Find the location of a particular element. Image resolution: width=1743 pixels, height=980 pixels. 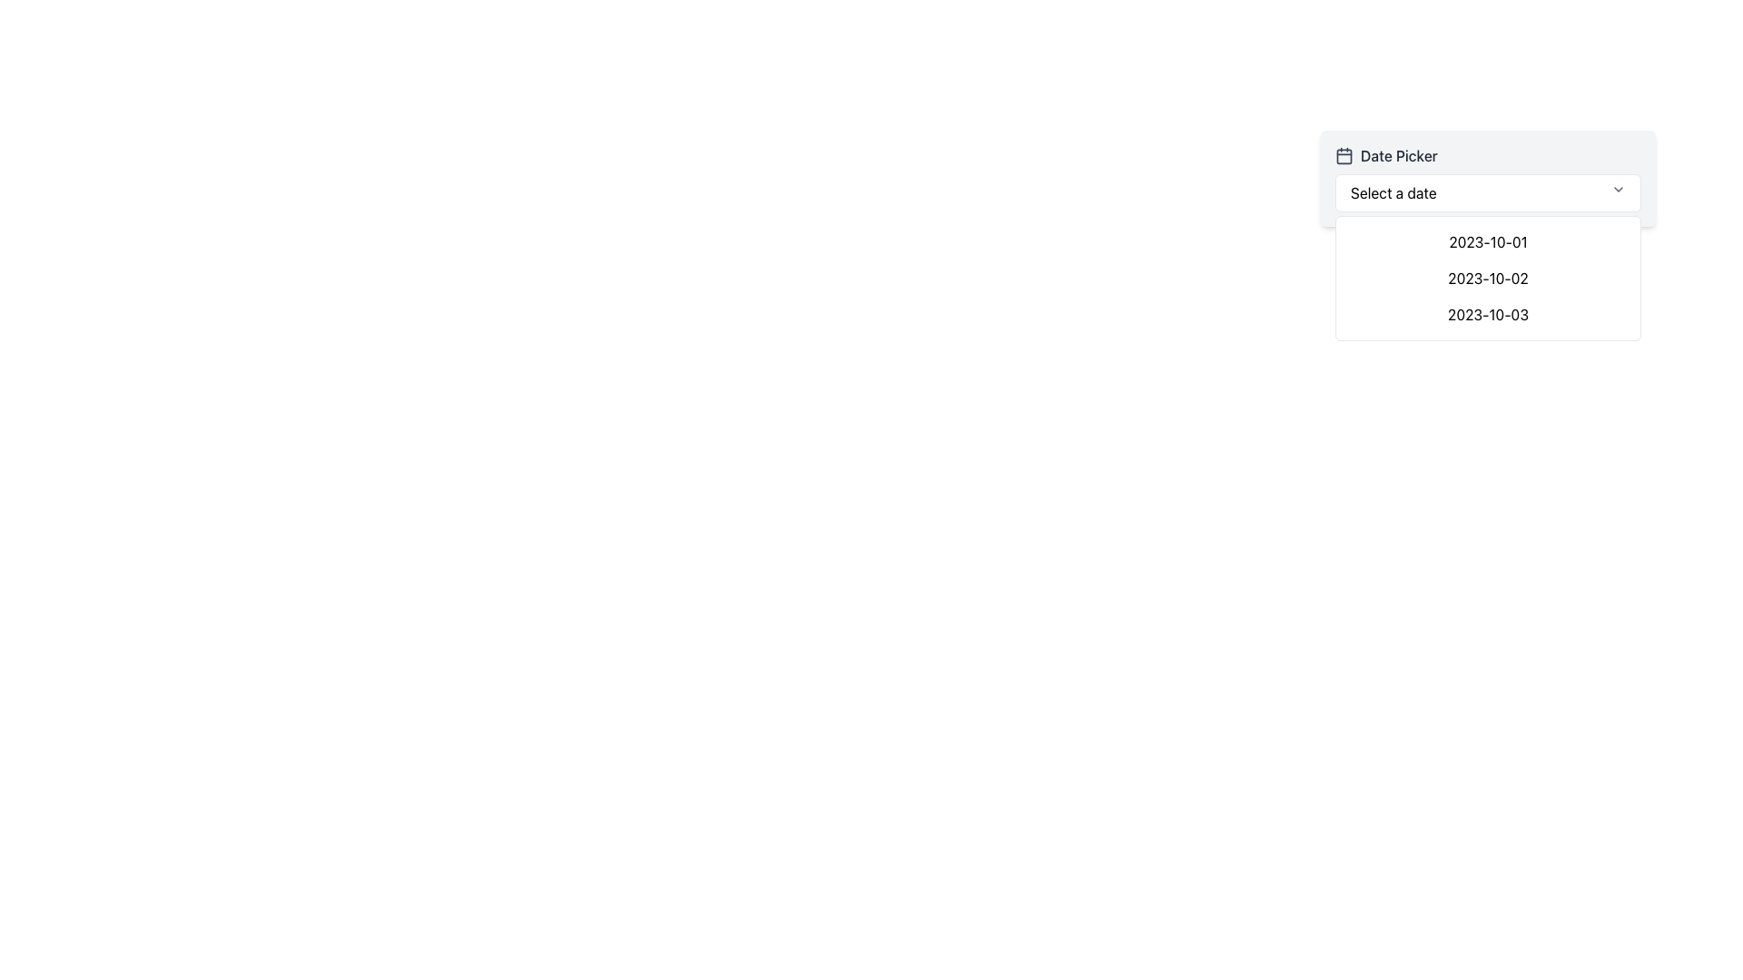

a date from the dropdown in the Date Picker Component, which features a title labeled 'Date Picker' and a selection field with the text 'Select a date' is located at coordinates (1488, 178).